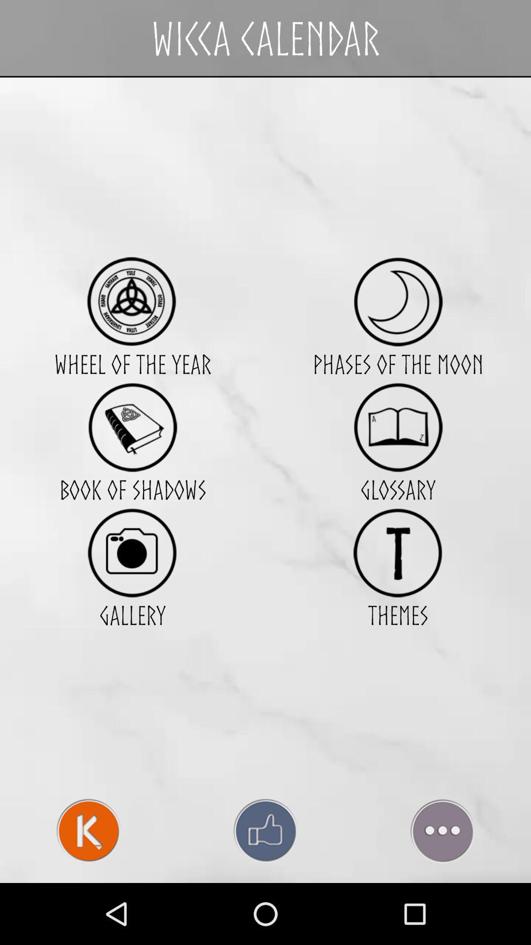 Image resolution: width=531 pixels, height=945 pixels. Describe the element at coordinates (397, 553) in the screenshot. I see `open theme menu` at that location.